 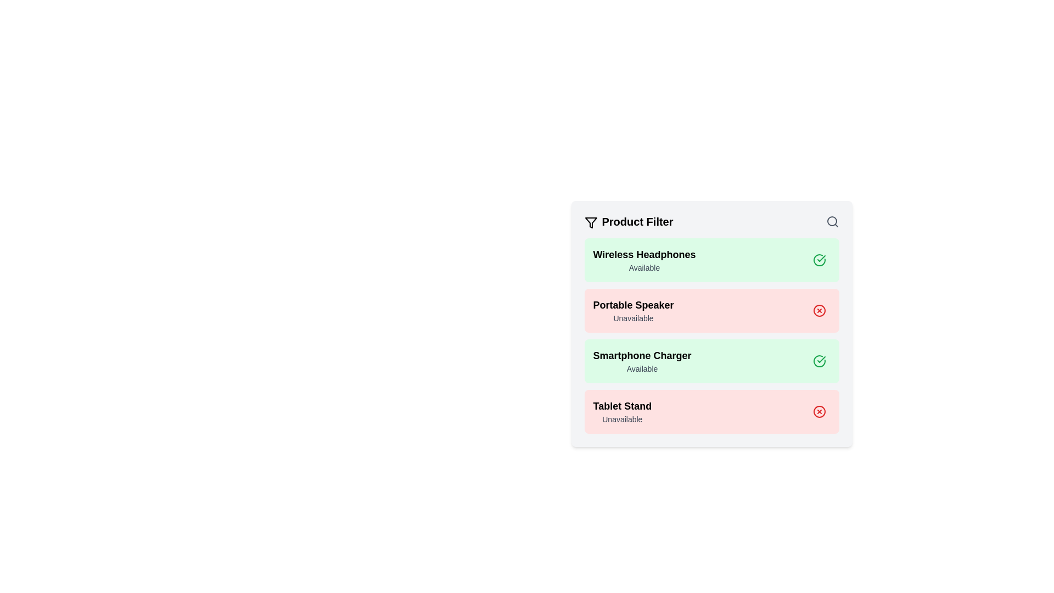 What do you see at coordinates (644, 260) in the screenshot?
I see `the text element displaying 'Wireless Headphones' with the status 'Available' in a light green background, located at the top of the product list` at bounding box center [644, 260].